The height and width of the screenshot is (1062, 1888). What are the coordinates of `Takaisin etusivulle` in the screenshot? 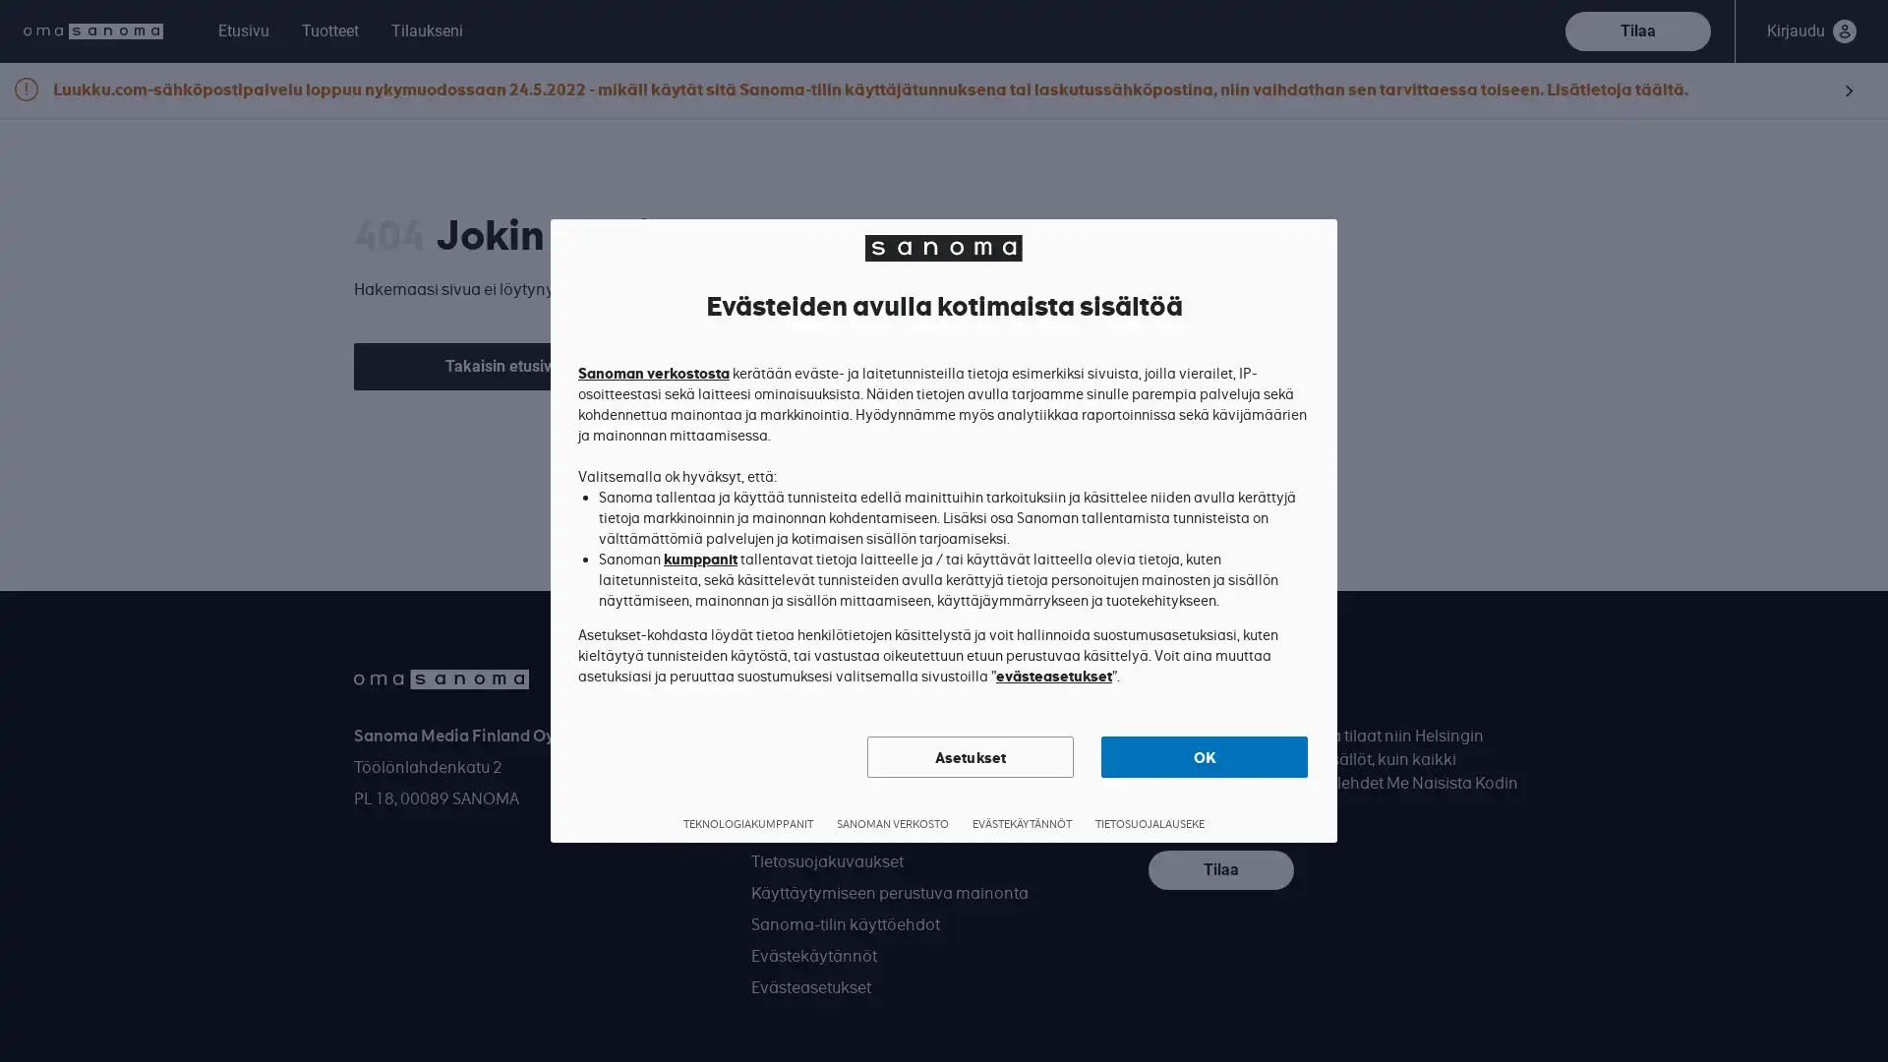 It's located at (510, 367).